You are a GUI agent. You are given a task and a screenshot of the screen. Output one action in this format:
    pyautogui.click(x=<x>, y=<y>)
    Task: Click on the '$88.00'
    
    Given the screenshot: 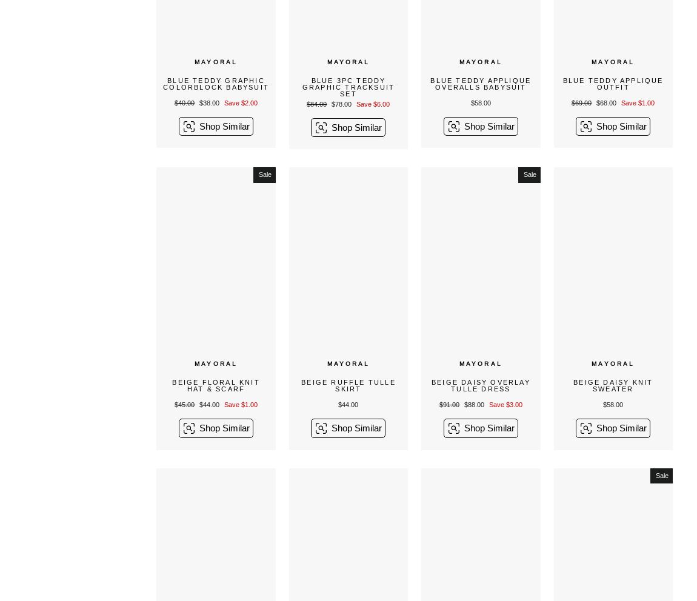 What is the action you would take?
    pyautogui.click(x=462, y=403)
    